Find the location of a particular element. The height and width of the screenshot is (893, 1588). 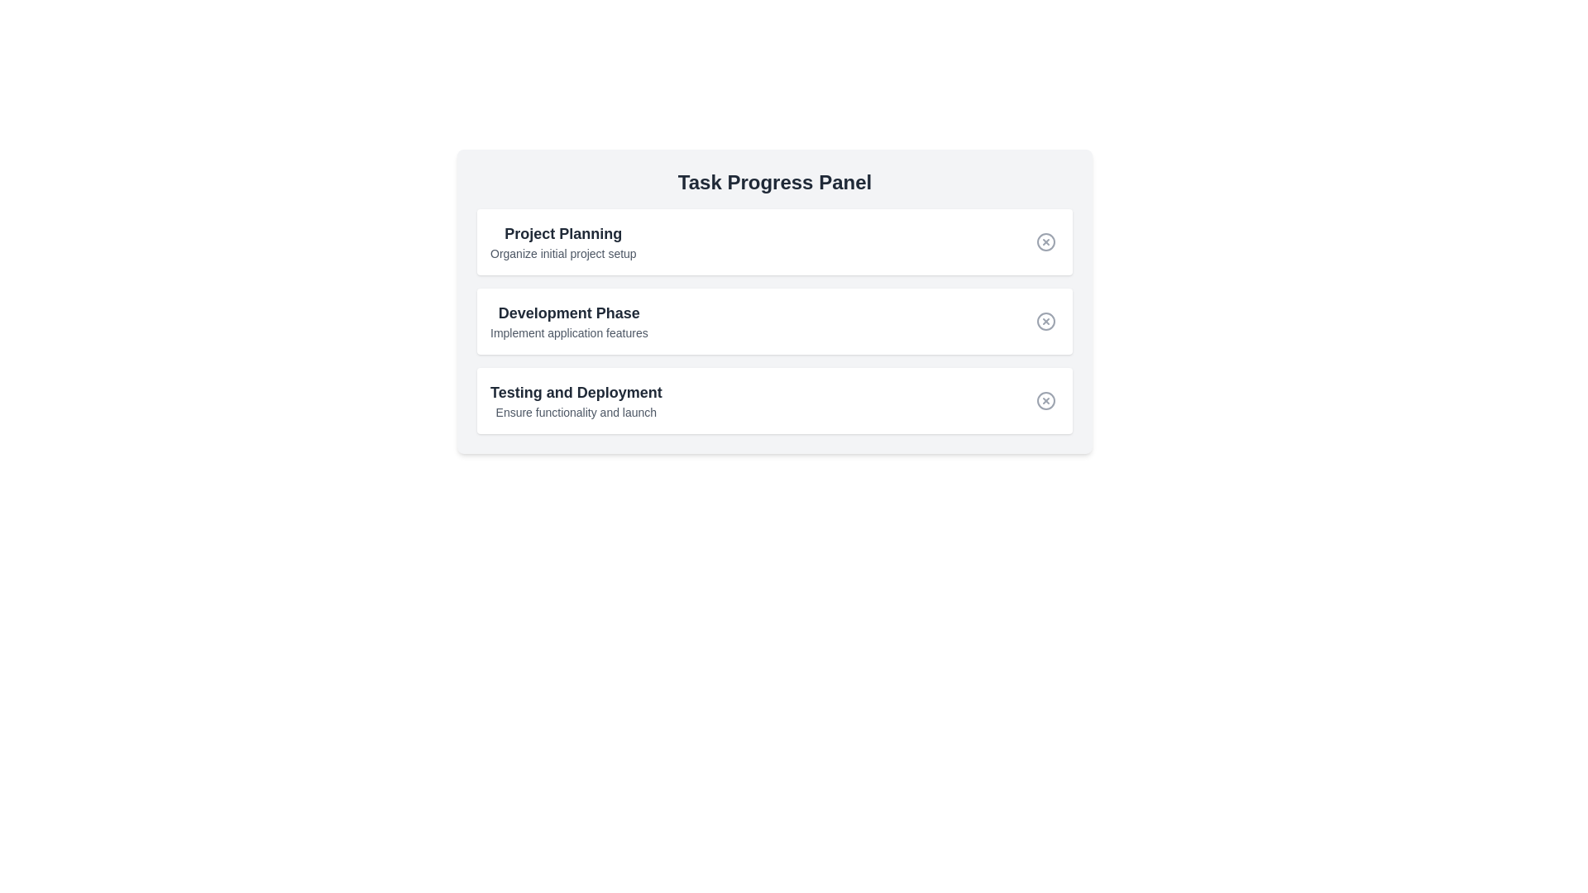

the label that displays the task title and description, which is the third item in a vertical list within the task tracking interface, located below 'Development Phase' and to the left of a circular button icon is located at coordinates (576, 401).